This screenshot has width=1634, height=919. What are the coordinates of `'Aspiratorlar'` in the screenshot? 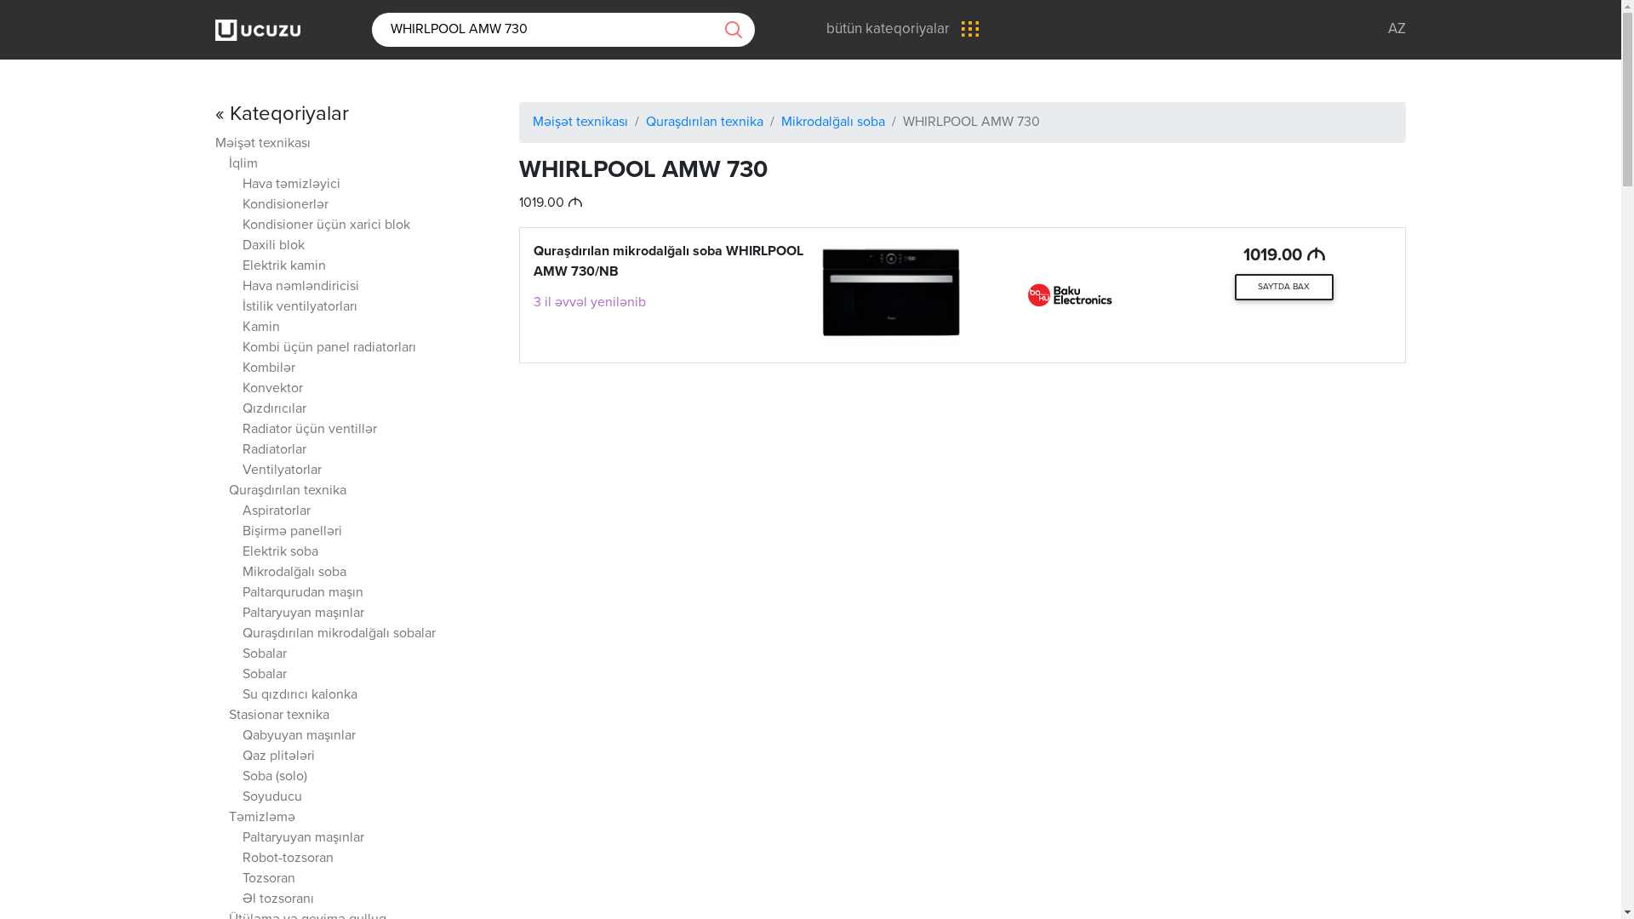 It's located at (277, 511).